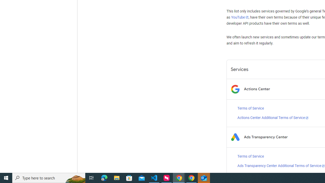 This screenshot has width=325, height=183. What do you see at coordinates (273, 118) in the screenshot?
I see `'Actions Center Additional Terms of Service'` at bounding box center [273, 118].